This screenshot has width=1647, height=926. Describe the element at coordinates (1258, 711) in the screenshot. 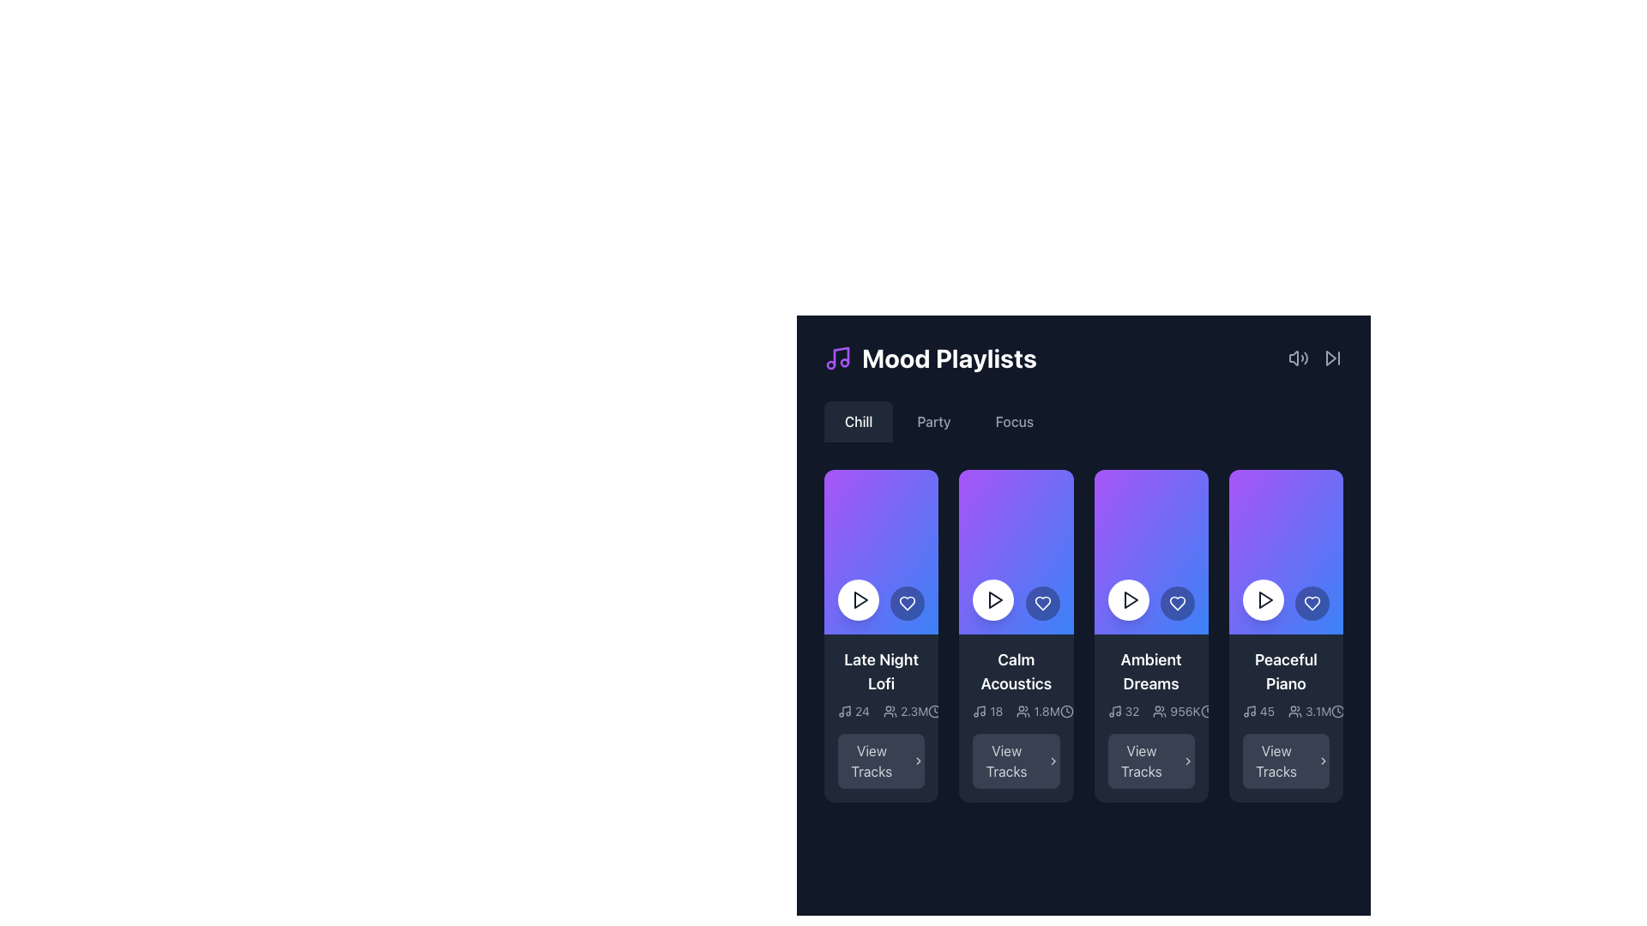

I see `the area surrounding the icon and text pair that displays the number of tracks in the 'Peaceful Piano' playlist for related actions` at that location.